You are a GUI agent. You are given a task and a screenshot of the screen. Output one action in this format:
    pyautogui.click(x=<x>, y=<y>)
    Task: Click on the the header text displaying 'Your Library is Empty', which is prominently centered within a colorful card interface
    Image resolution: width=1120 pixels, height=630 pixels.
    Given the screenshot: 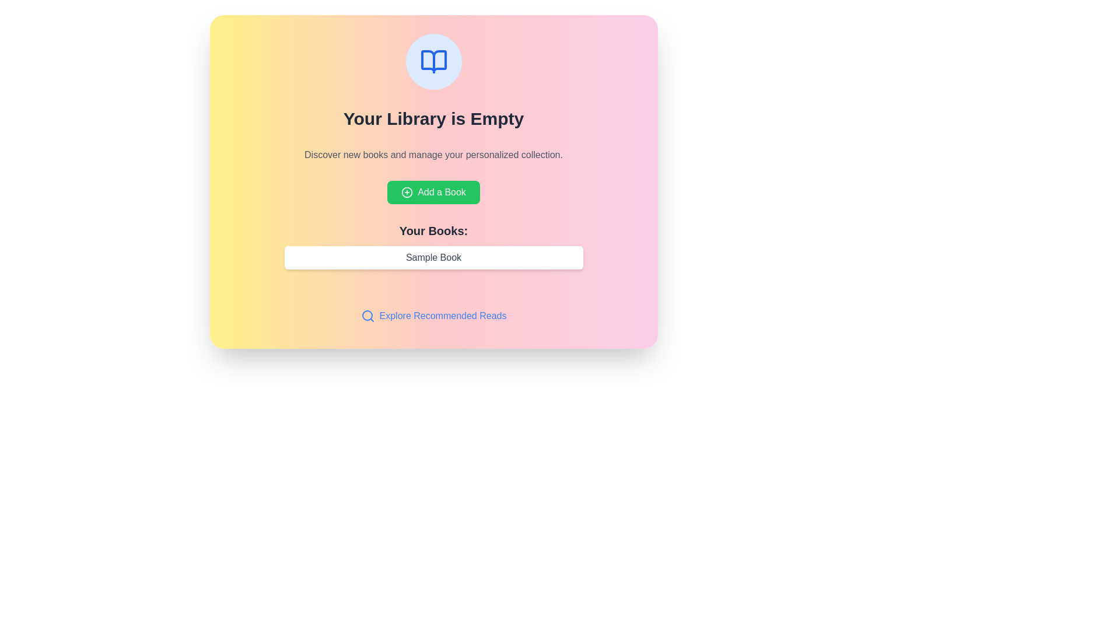 What is the action you would take?
    pyautogui.click(x=433, y=119)
    